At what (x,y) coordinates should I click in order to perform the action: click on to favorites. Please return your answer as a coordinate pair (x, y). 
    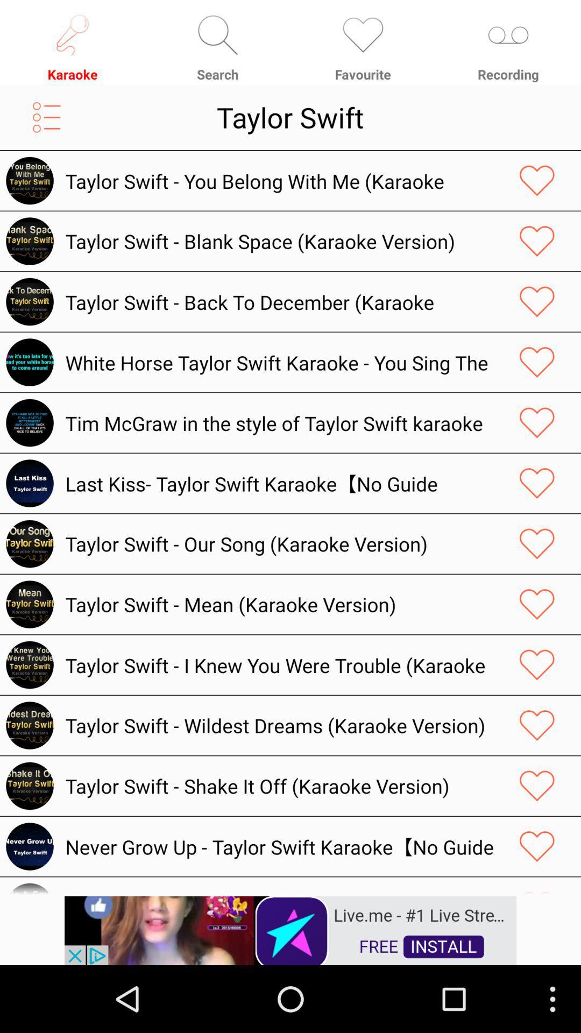
    Looking at the image, I should click on (537, 846).